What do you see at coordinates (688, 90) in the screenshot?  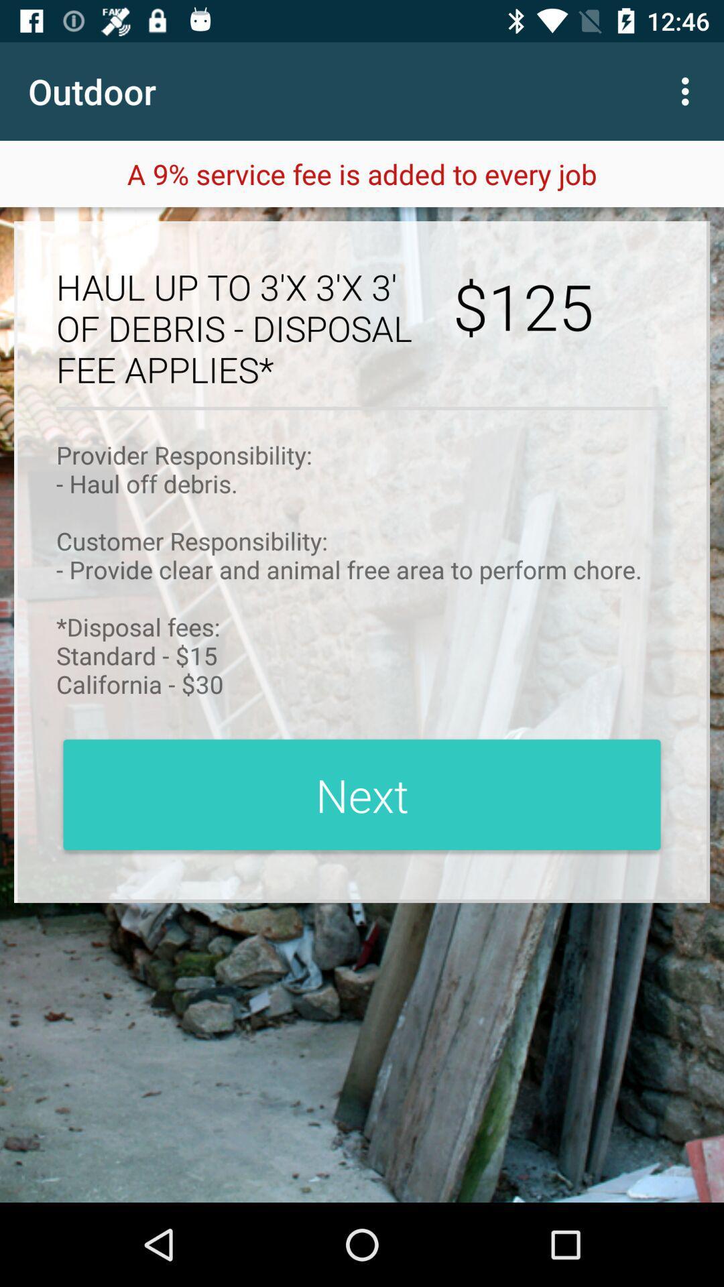 I see `the icon to the right of the outdoor app` at bounding box center [688, 90].